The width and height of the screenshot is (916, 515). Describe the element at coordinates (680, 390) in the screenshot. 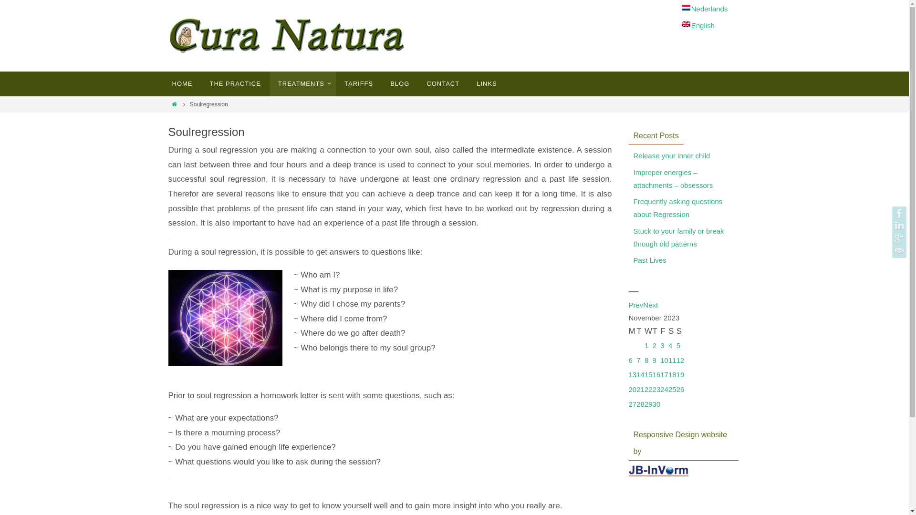

I see `'26'` at that location.